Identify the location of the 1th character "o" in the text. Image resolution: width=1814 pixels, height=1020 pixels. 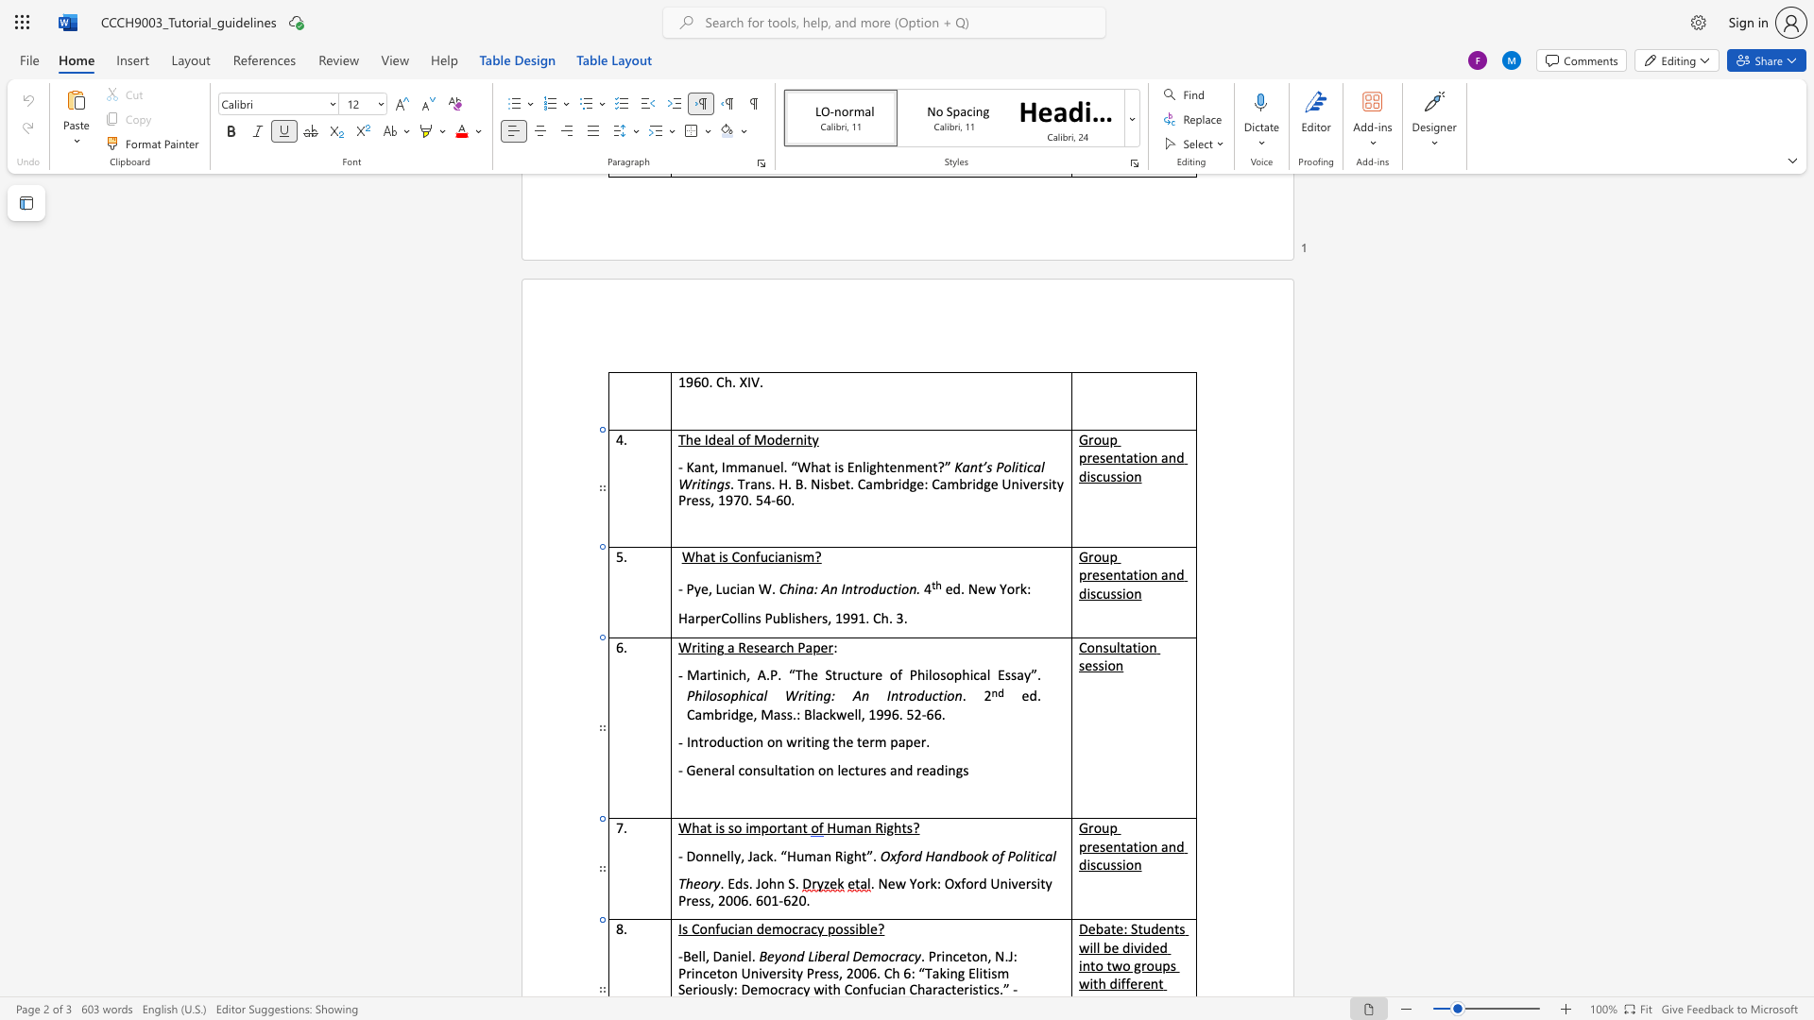
(784, 956).